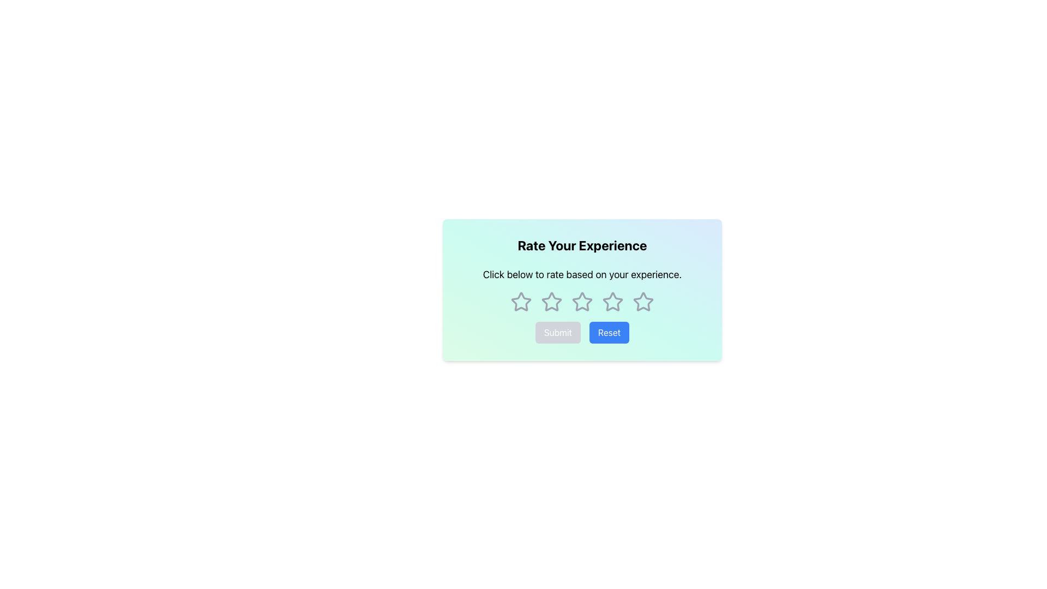  Describe the element at coordinates (552, 302) in the screenshot. I see `the second star icon in the rating section` at that location.